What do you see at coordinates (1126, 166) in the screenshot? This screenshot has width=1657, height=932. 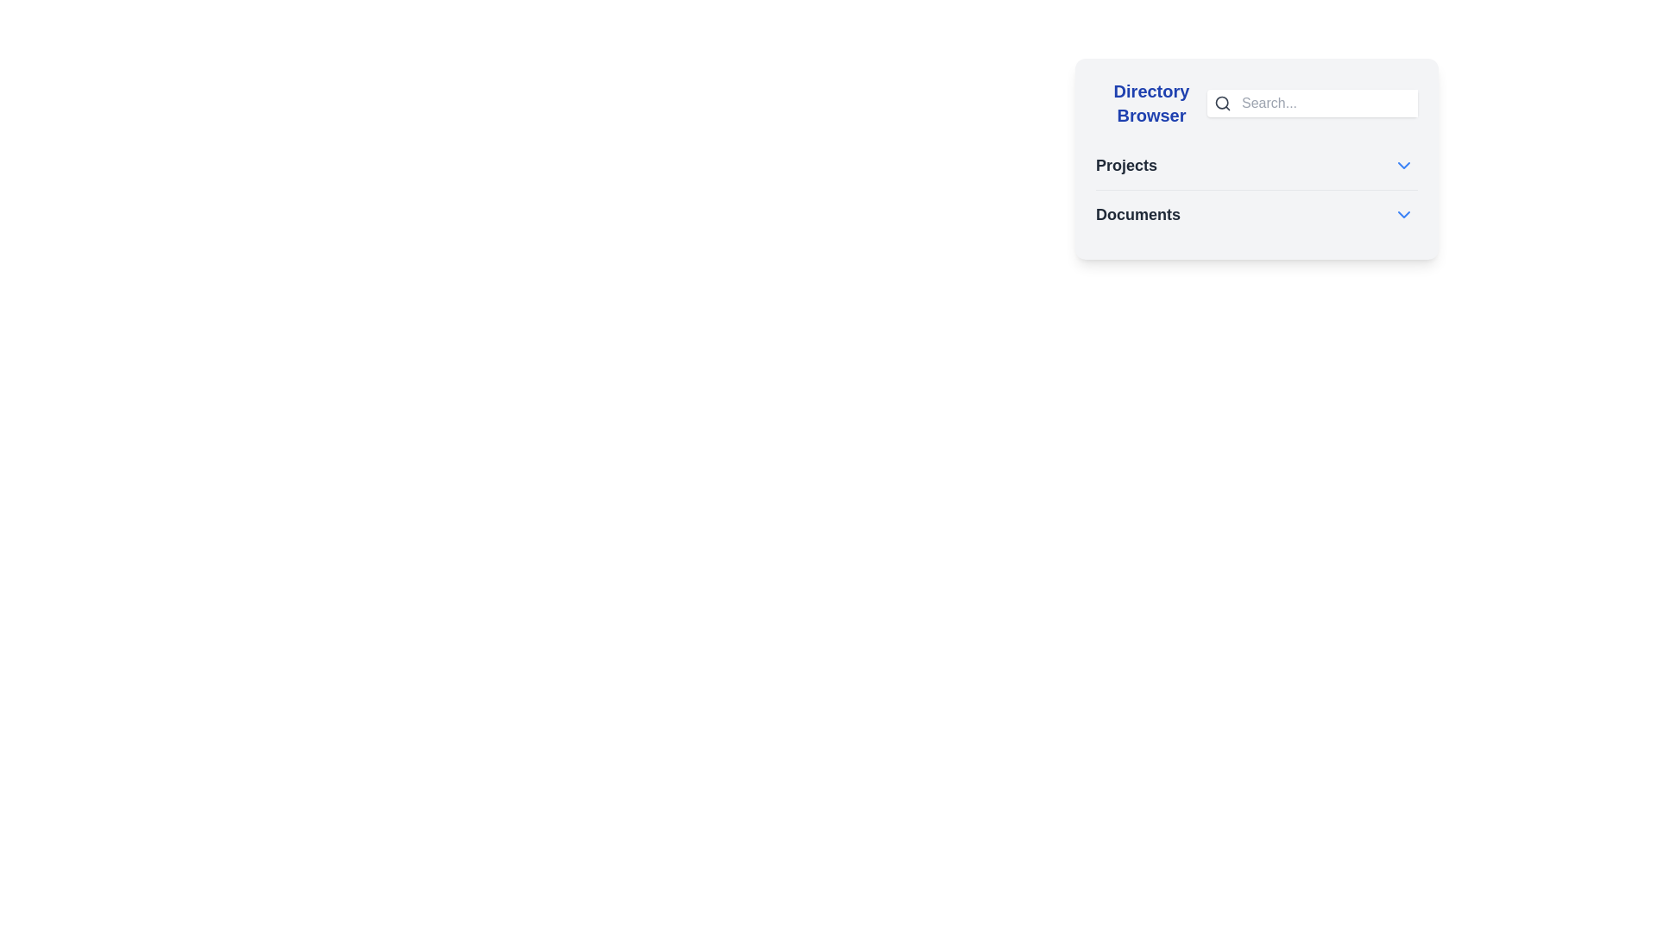 I see `the directory title Projects to expand or collapse it` at bounding box center [1126, 166].